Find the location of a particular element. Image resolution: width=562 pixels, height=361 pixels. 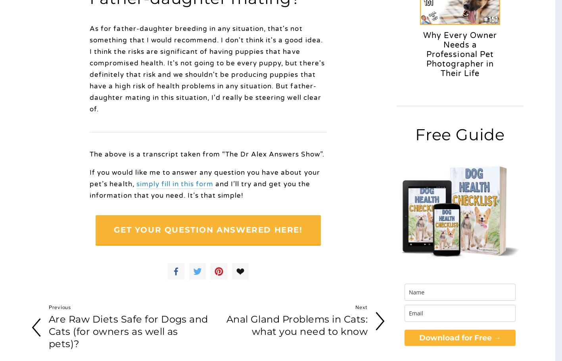

'Anal Gland Problems in Cats: what you need to know' is located at coordinates (226, 325).